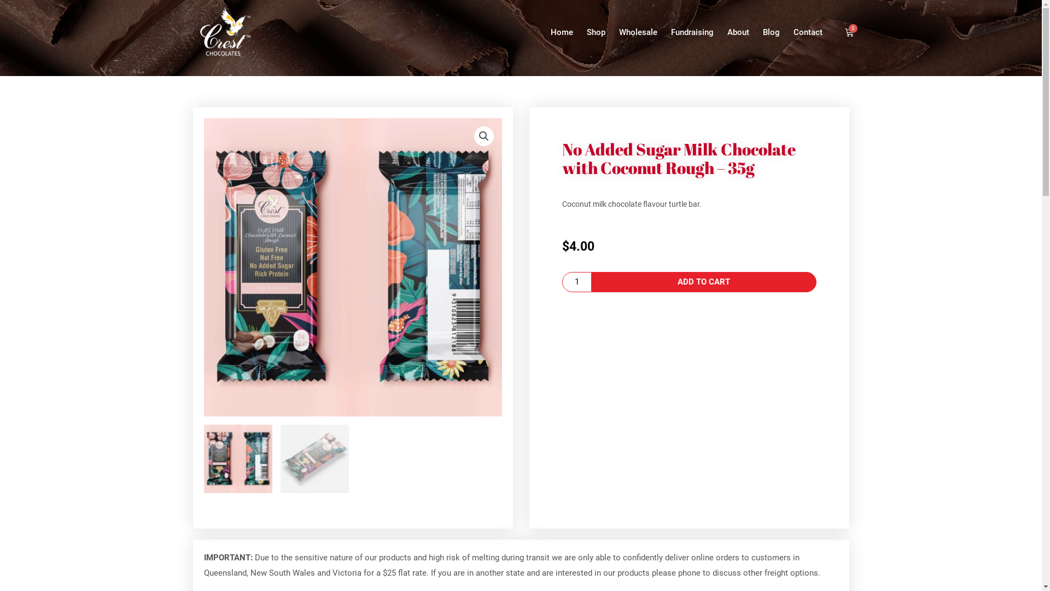 This screenshot has width=1050, height=591. I want to click on 'Contact', so click(807, 31).